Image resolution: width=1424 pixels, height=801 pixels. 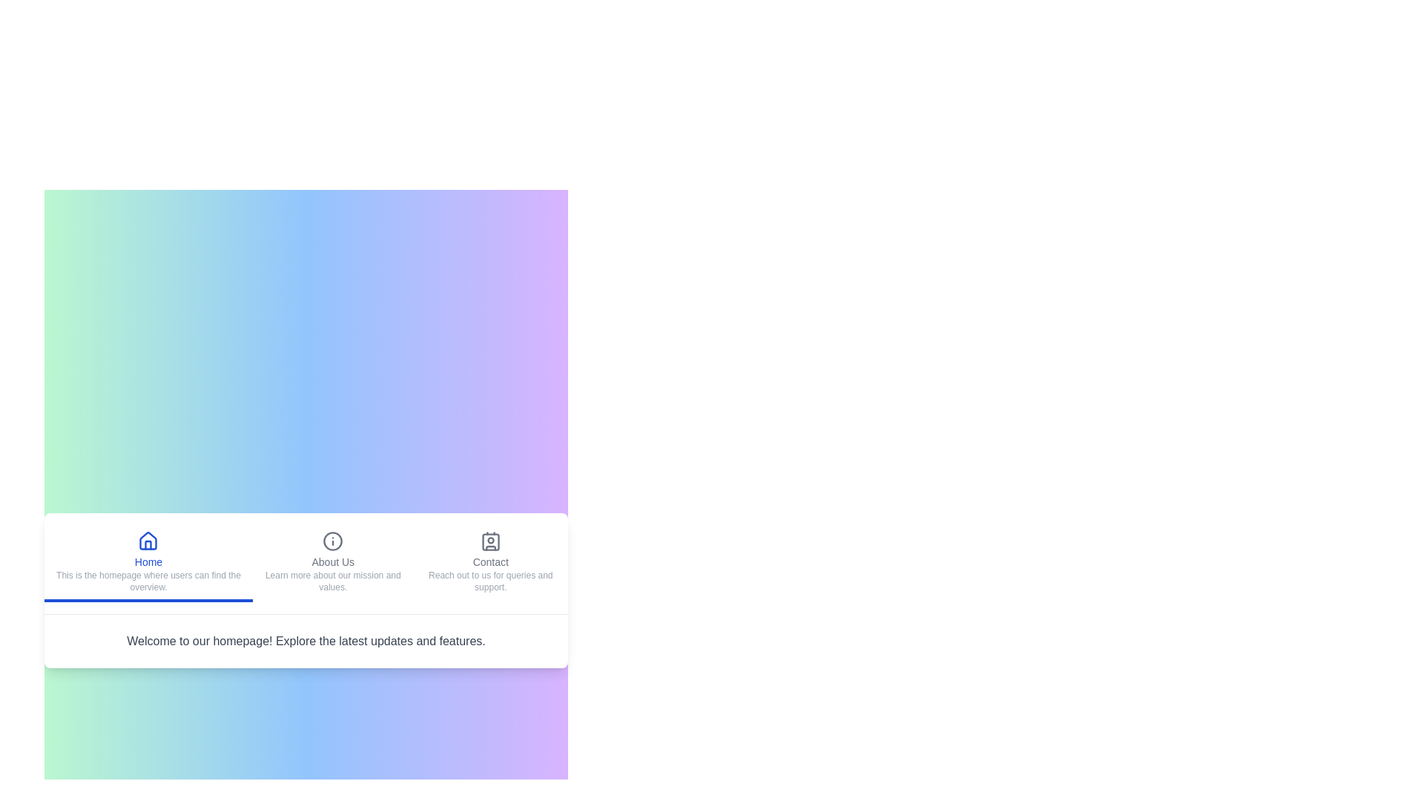 What do you see at coordinates (148, 563) in the screenshot?
I see `the Home tab to view the hover effect` at bounding box center [148, 563].